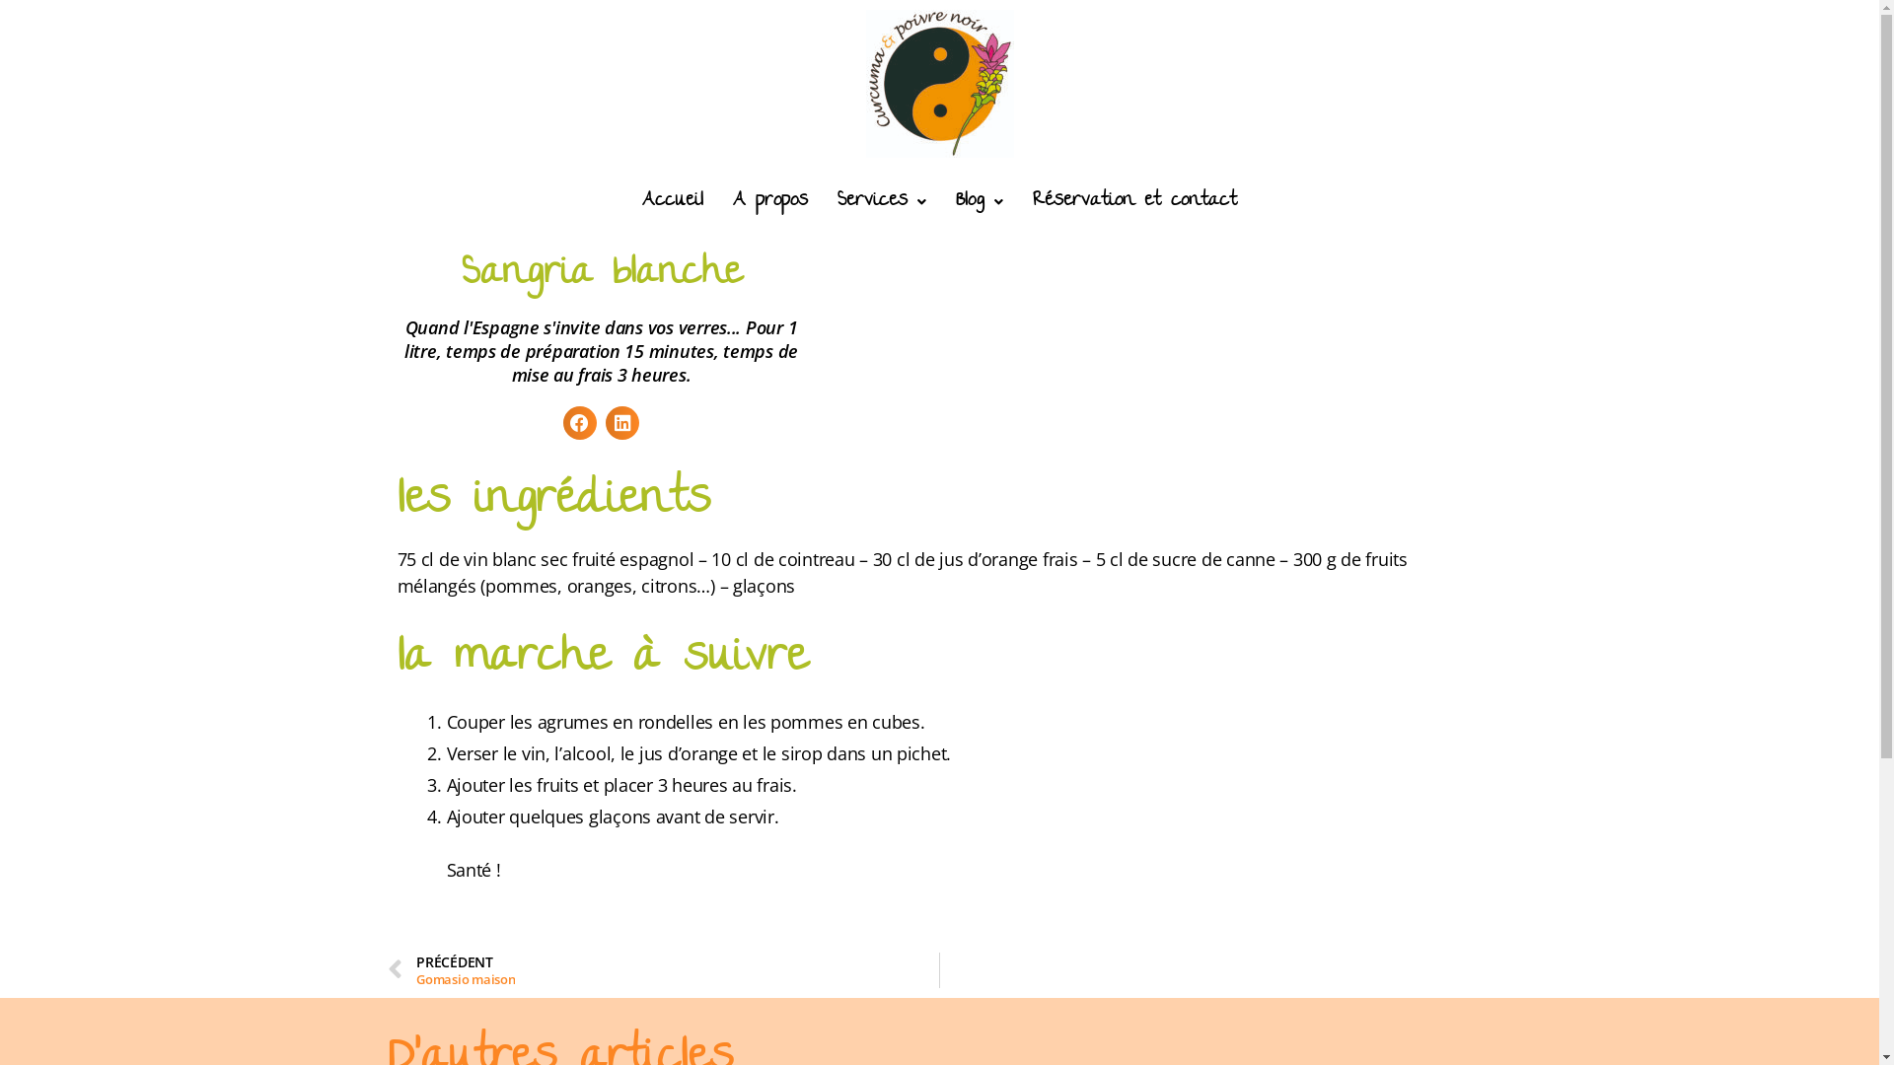  I want to click on 'Services', so click(880, 201).